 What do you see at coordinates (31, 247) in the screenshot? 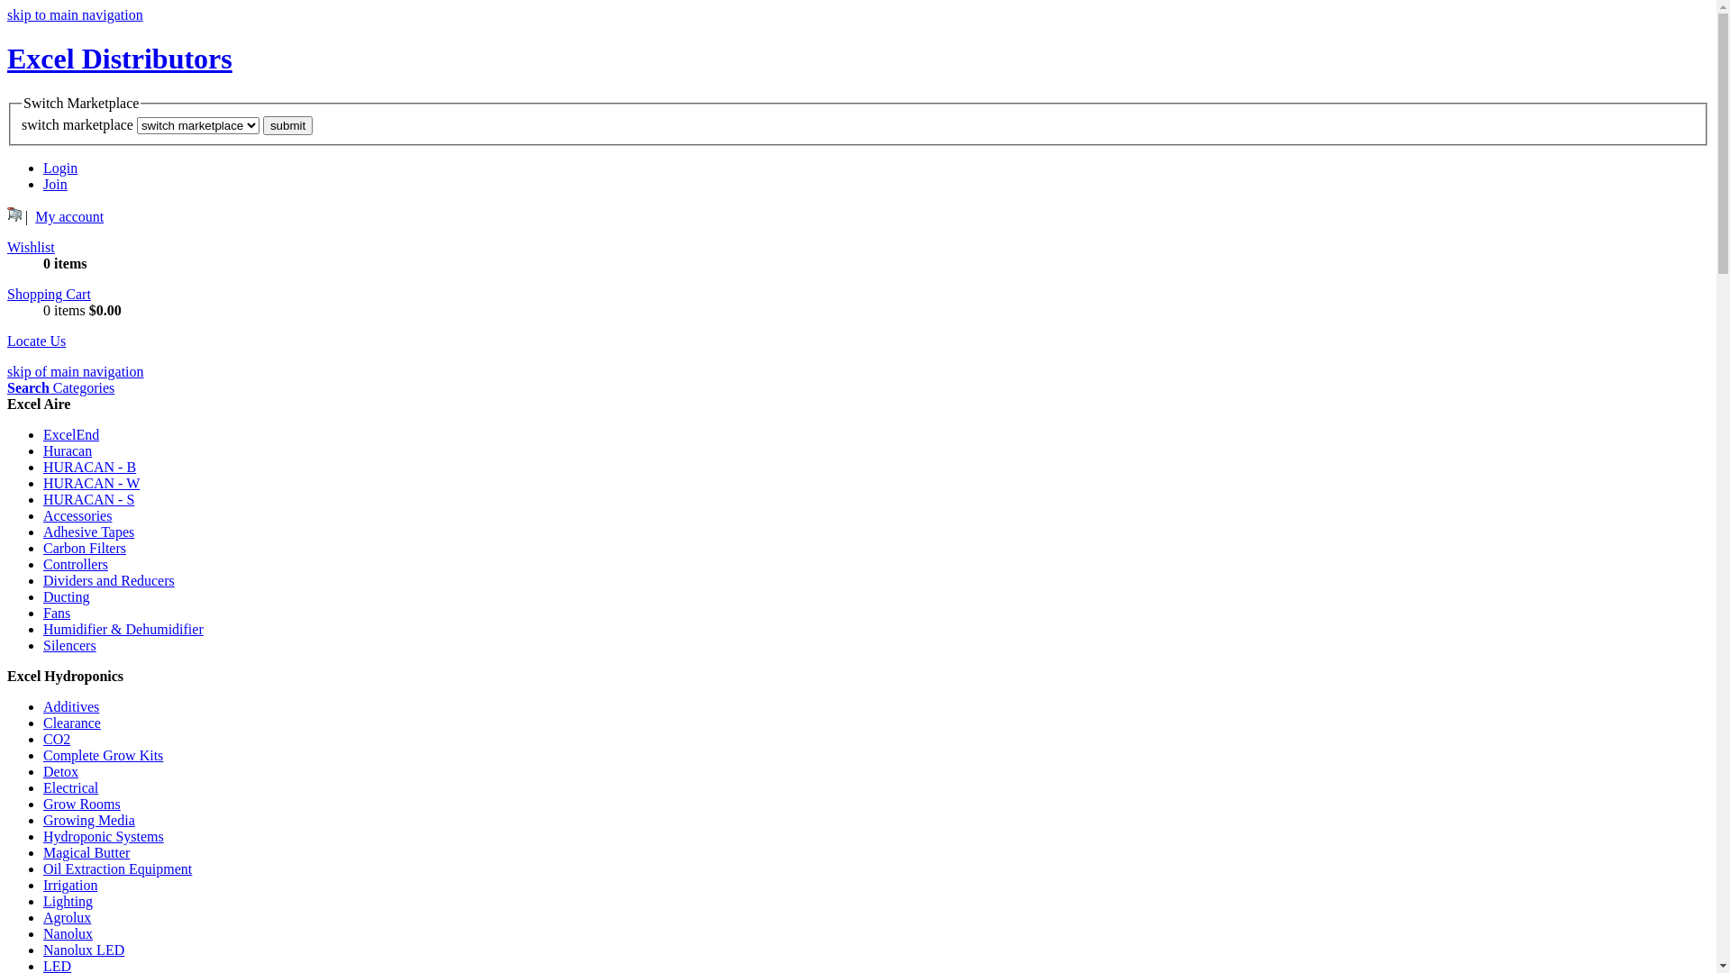
I see `'Wishlist'` at bounding box center [31, 247].